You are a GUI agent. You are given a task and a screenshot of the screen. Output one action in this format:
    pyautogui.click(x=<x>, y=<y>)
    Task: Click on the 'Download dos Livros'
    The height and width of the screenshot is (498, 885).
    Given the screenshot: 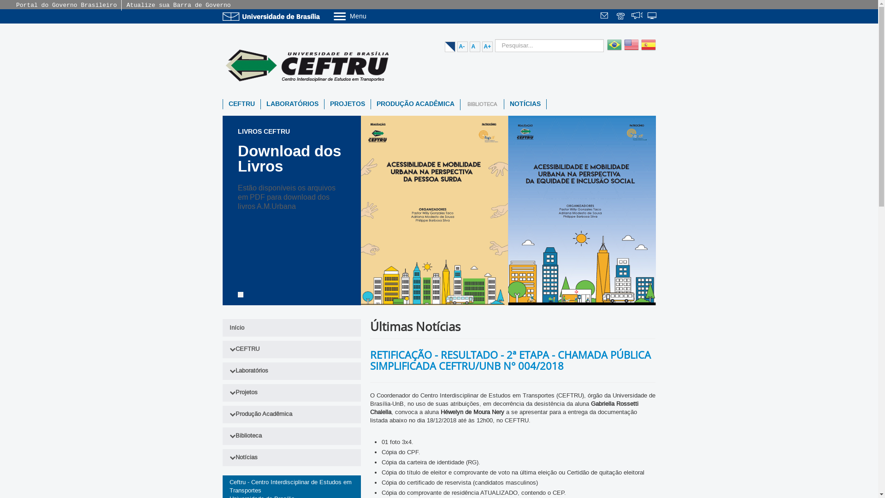 What is the action you would take?
    pyautogui.click(x=289, y=158)
    